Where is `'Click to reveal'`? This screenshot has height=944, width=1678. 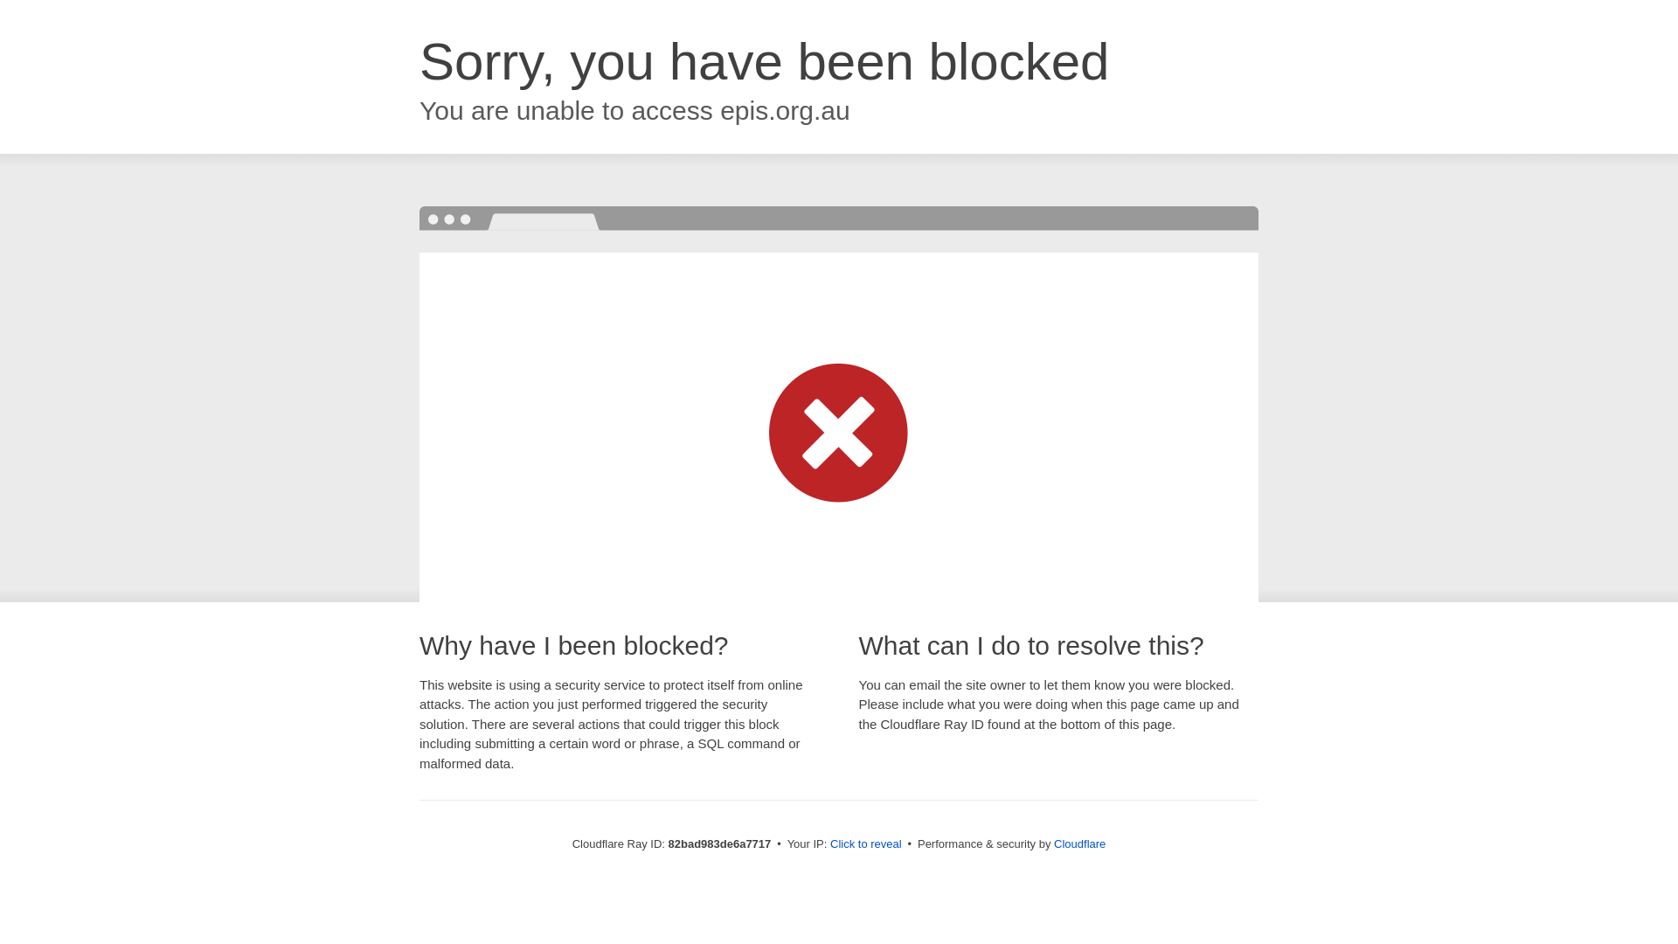
'Click to reveal' is located at coordinates (865, 843).